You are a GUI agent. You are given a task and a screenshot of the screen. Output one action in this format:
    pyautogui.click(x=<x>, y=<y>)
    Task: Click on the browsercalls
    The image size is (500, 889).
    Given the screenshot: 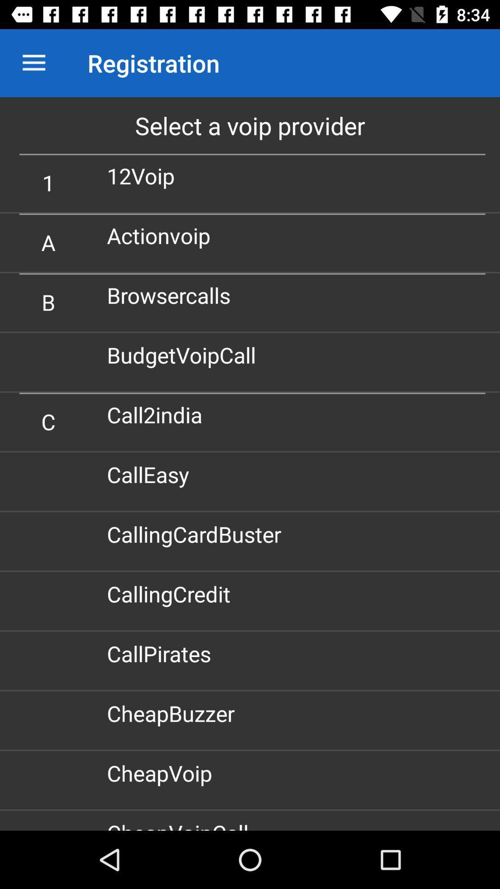 What is the action you would take?
    pyautogui.click(x=172, y=294)
    